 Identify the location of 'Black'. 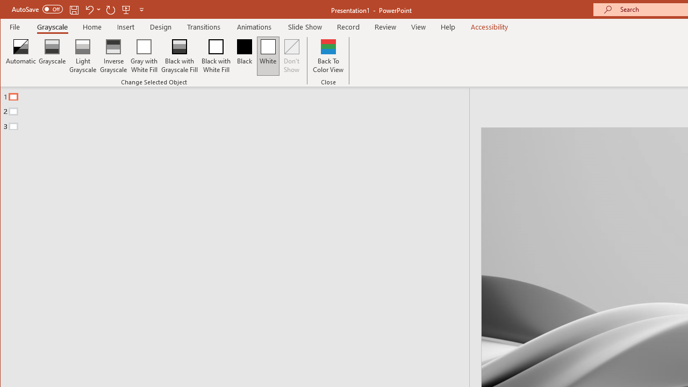
(244, 56).